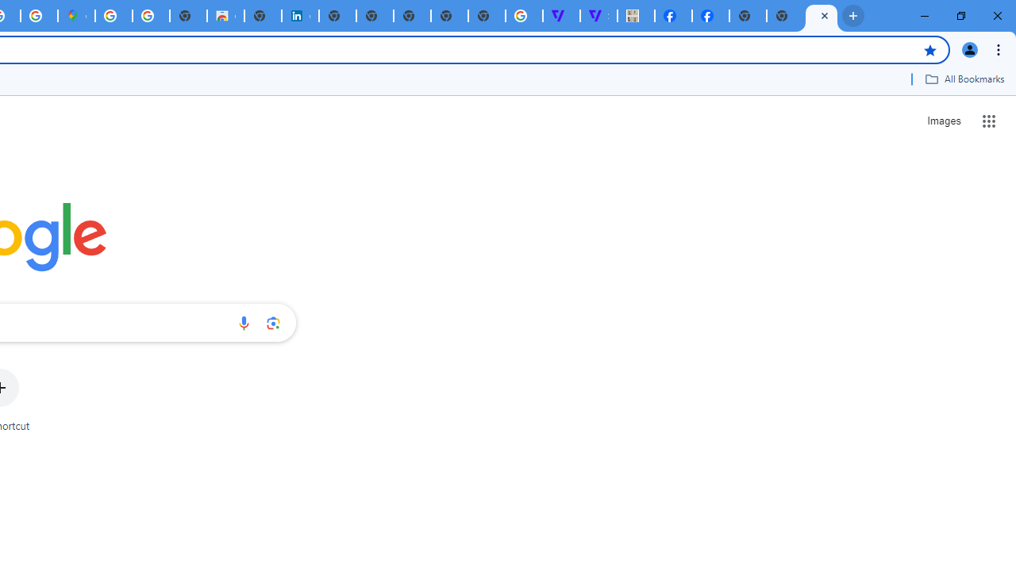  What do you see at coordinates (225, 16) in the screenshot?
I see `'Chrome Web Store'` at bounding box center [225, 16].